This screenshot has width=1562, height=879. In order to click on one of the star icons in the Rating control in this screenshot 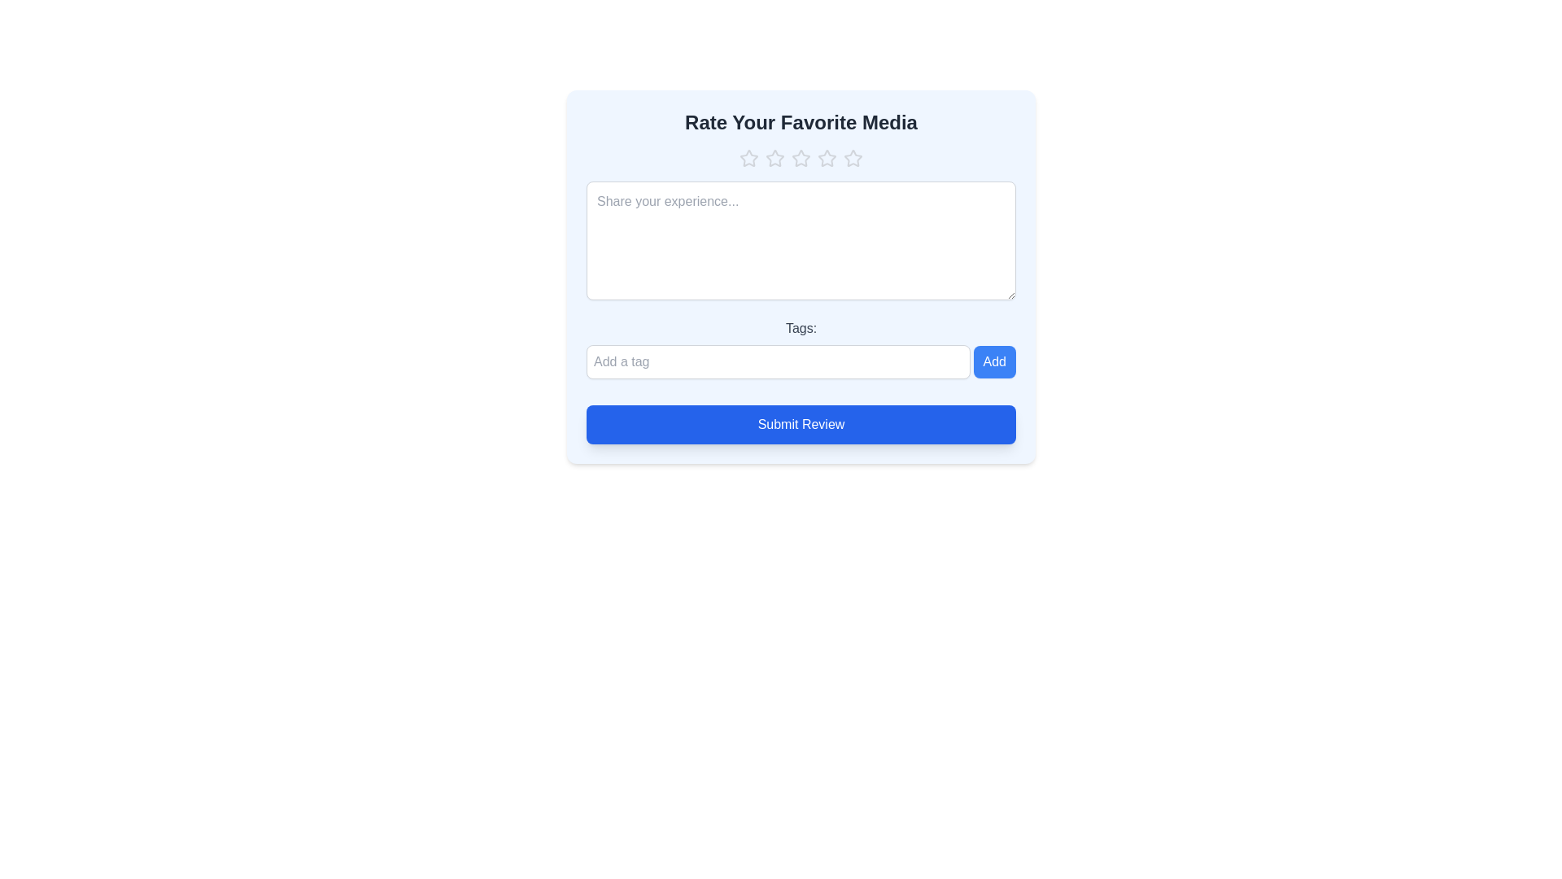, I will do `click(801, 159)`.